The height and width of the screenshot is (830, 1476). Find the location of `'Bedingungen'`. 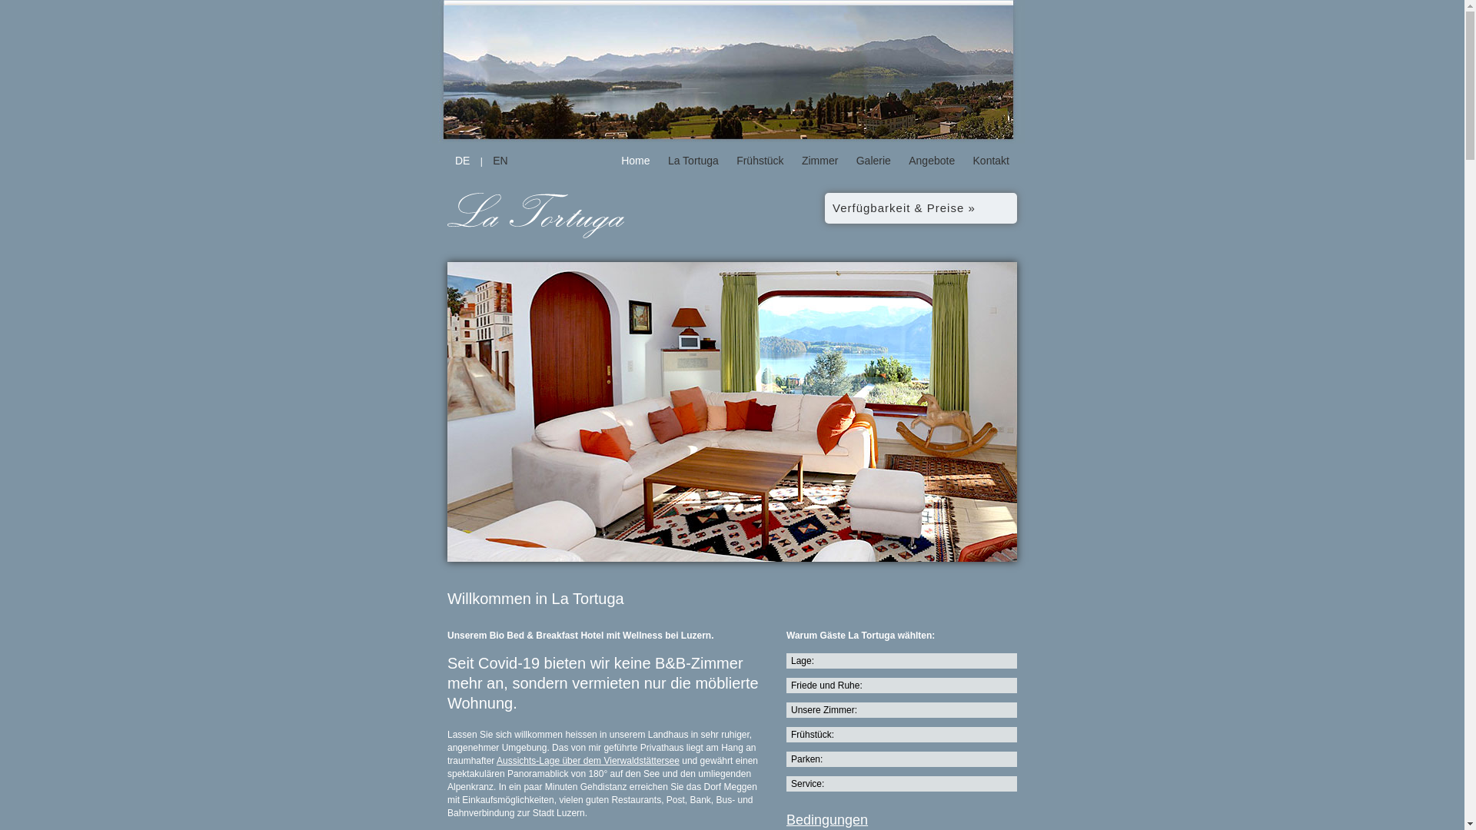

'Bedingungen' is located at coordinates (826, 819).